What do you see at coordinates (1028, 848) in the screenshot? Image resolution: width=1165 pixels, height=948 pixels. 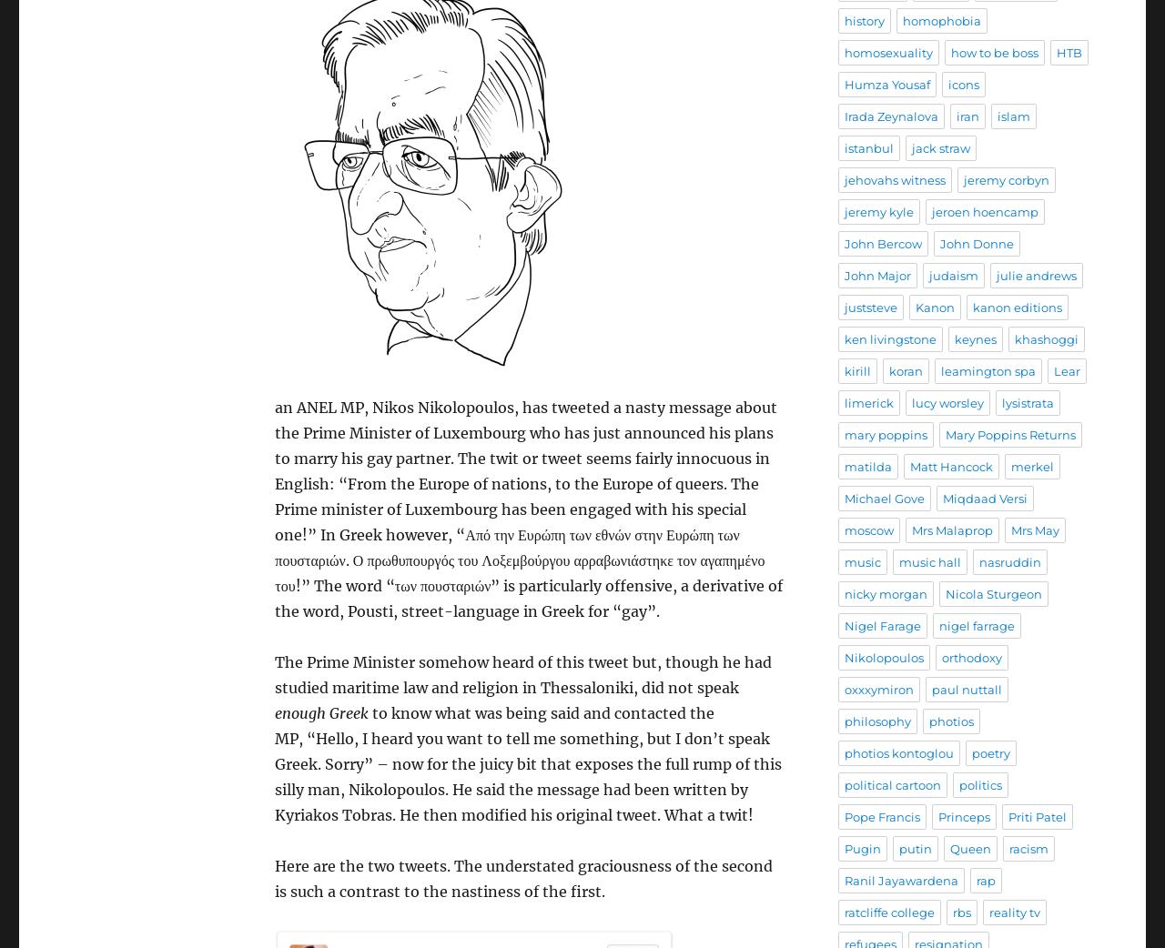 I see `'racism'` at bounding box center [1028, 848].